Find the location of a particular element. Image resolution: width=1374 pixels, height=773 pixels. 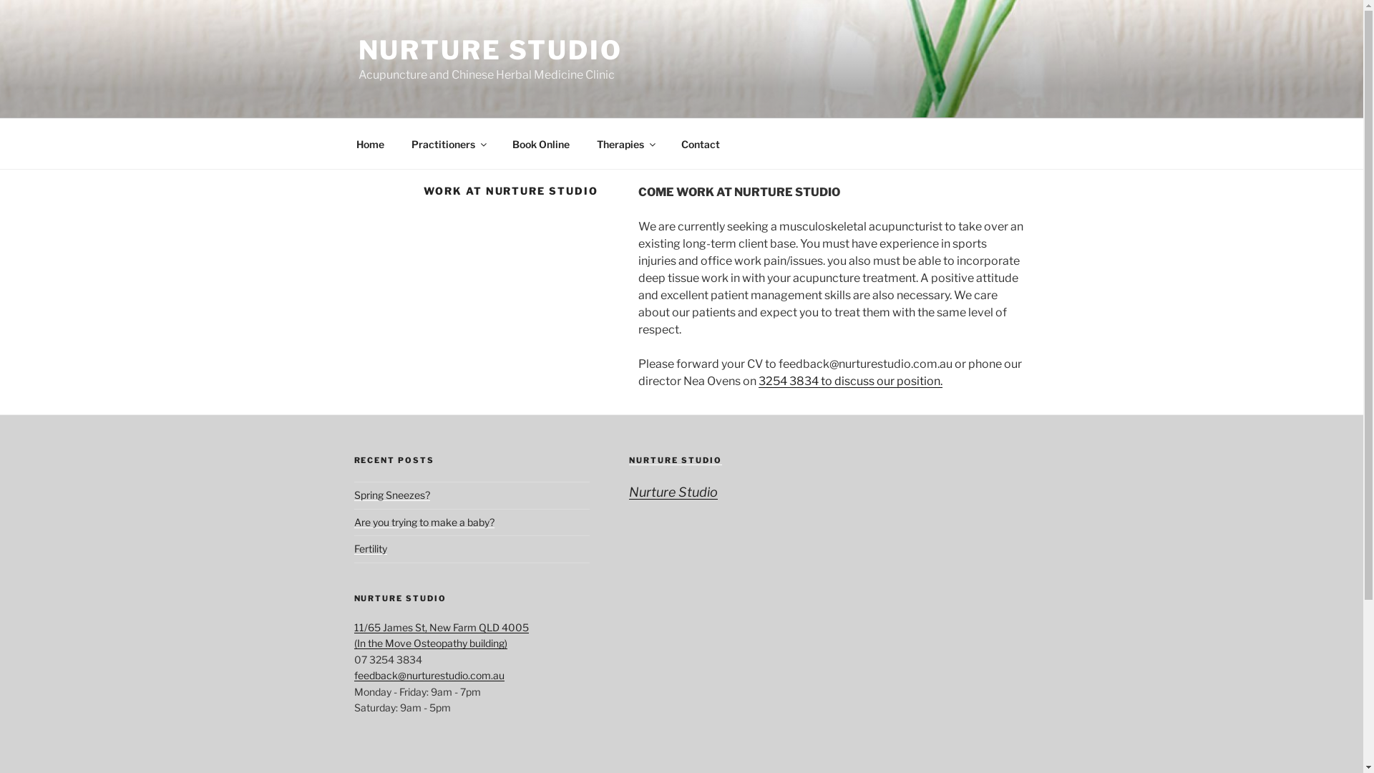

'feedback@nurturestudio.com.au' is located at coordinates (428, 675).